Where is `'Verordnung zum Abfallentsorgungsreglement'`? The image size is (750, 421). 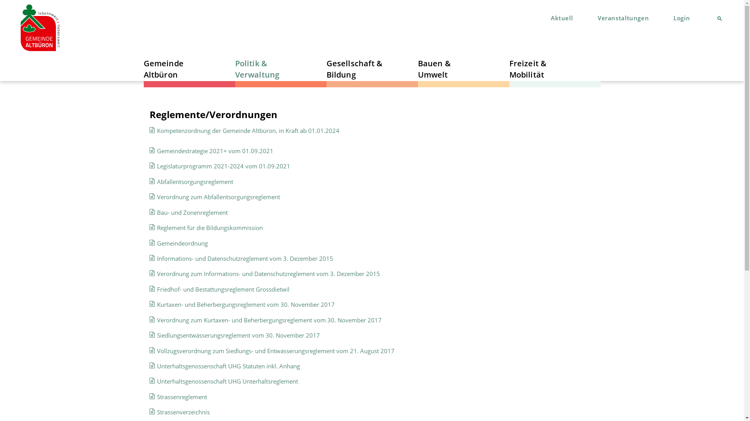 'Verordnung zum Abfallentsorgungsreglement' is located at coordinates (218, 196).